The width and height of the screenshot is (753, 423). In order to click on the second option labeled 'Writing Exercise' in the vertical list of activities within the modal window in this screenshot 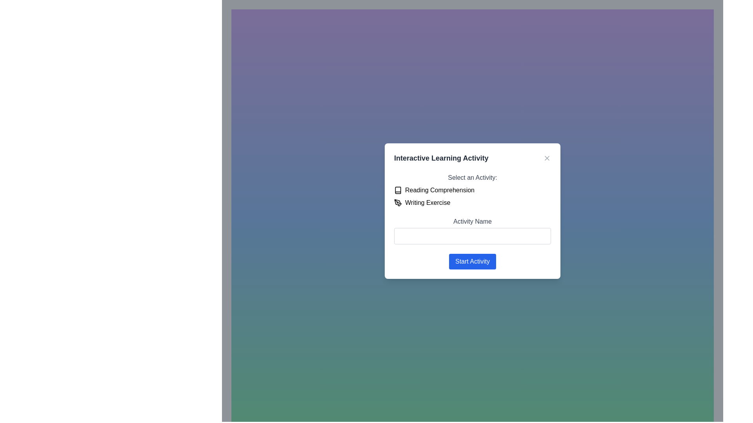, I will do `click(472, 202)`.